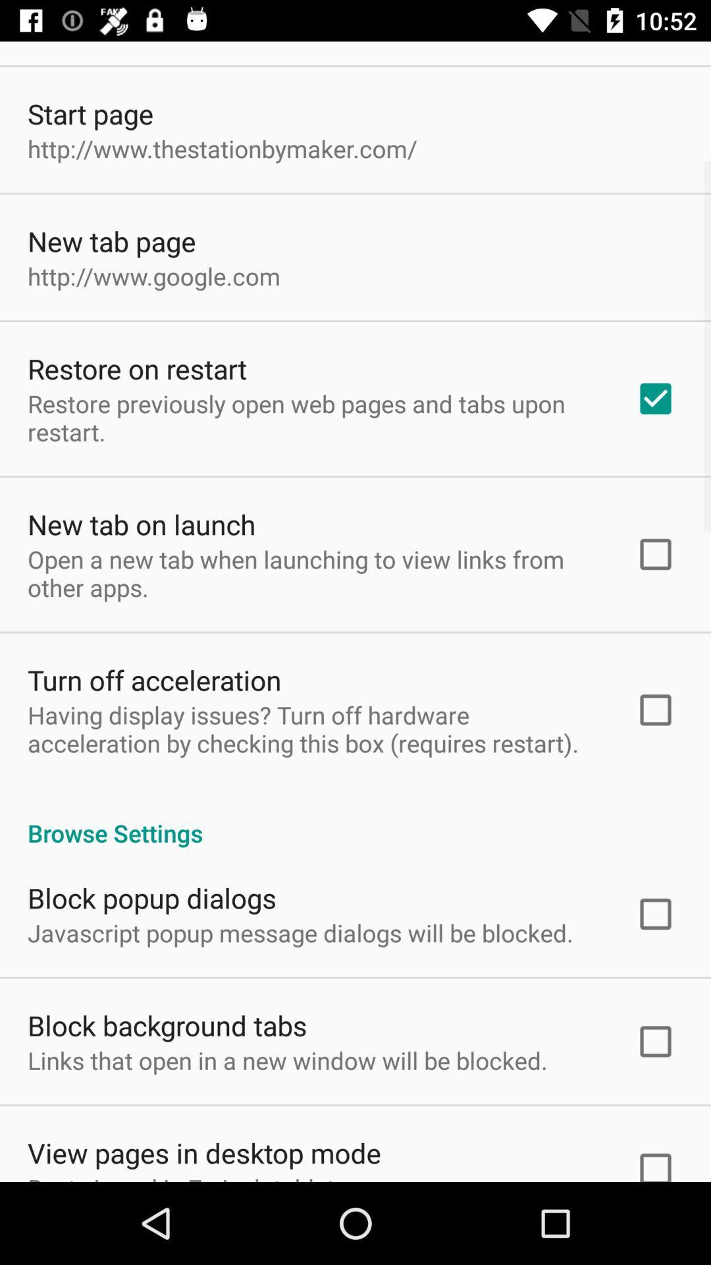 This screenshot has width=711, height=1265. Describe the element at coordinates (314, 417) in the screenshot. I see `the restore previously open` at that location.